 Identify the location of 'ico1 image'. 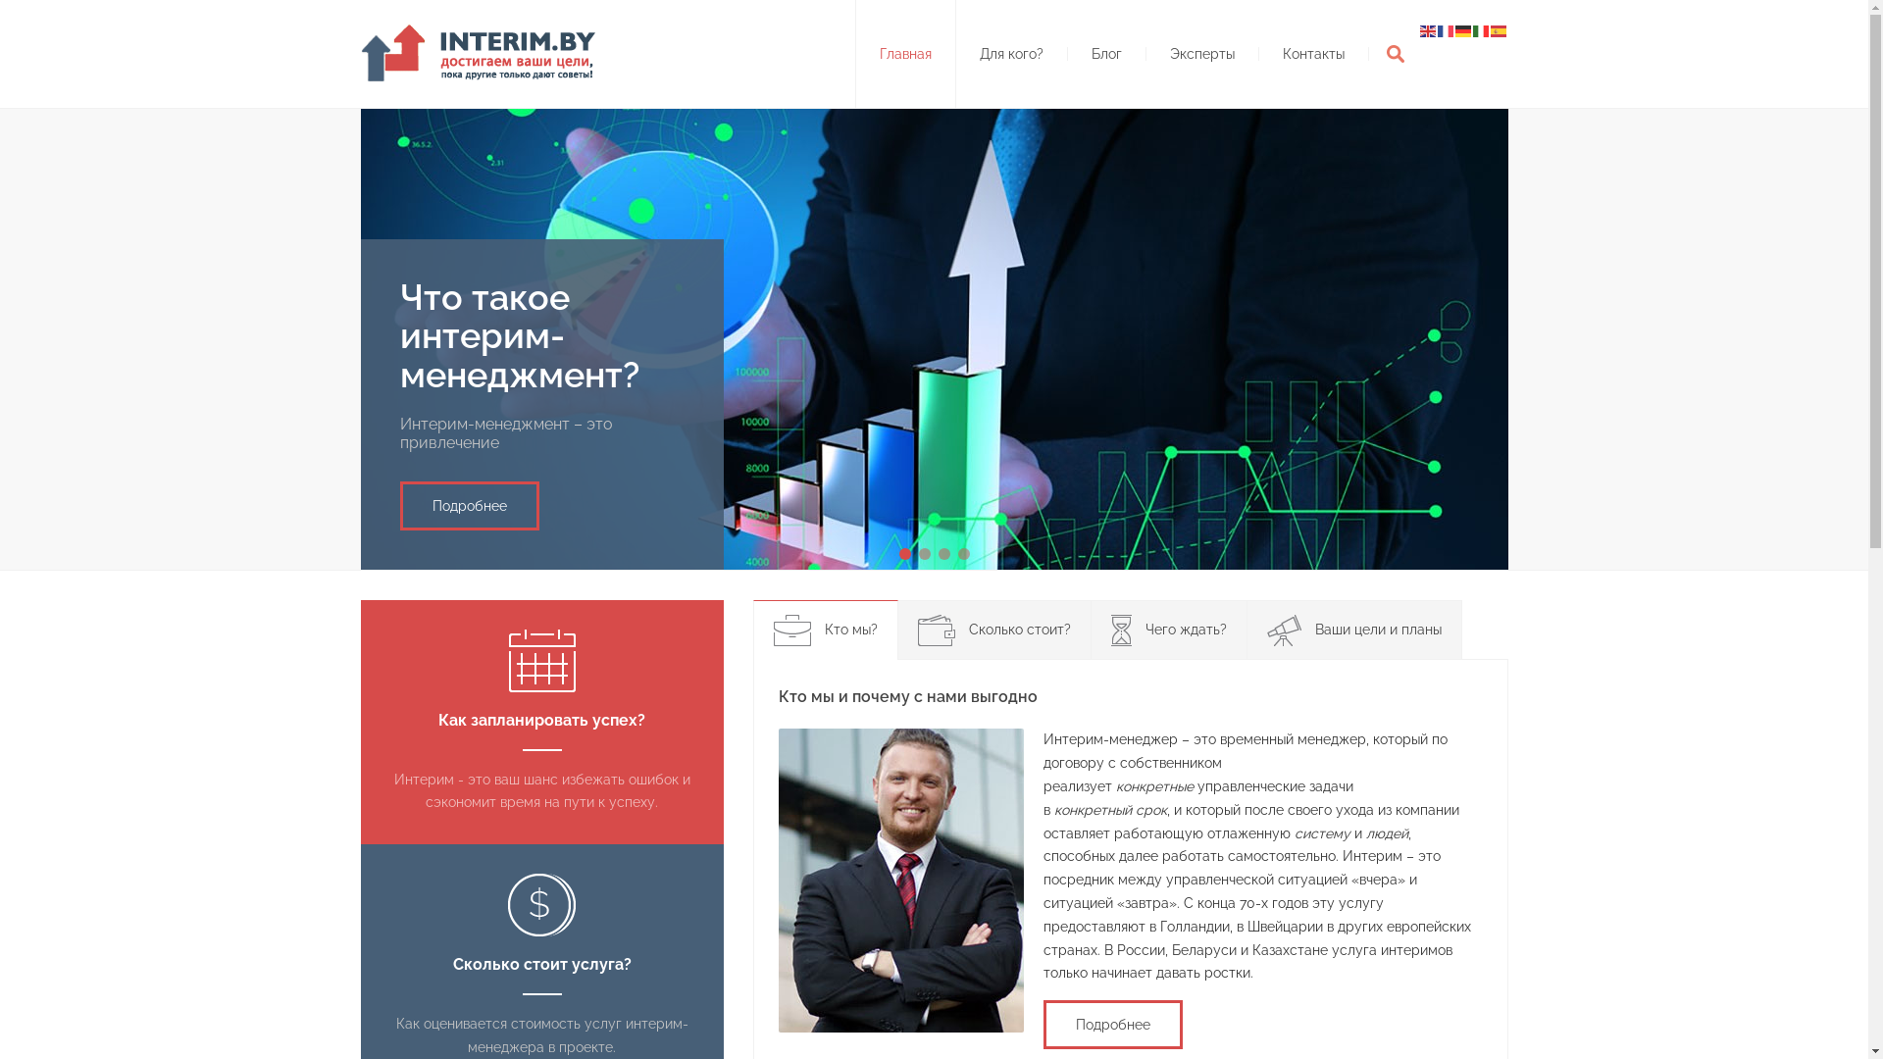
(771, 630).